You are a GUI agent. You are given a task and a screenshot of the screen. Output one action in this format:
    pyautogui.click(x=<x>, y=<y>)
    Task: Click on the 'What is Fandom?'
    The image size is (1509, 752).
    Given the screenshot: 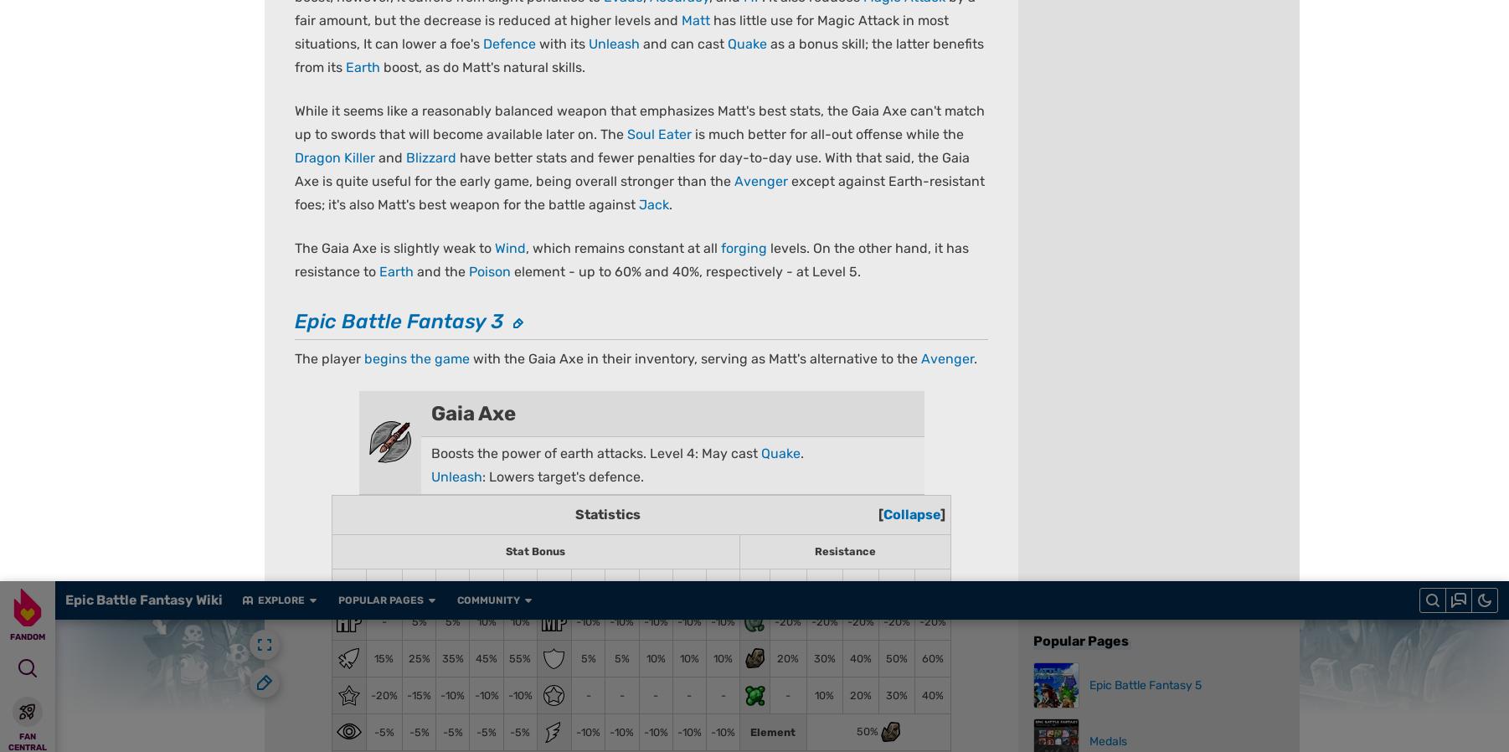 What is the action you would take?
    pyautogui.click(x=624, y=600)
    